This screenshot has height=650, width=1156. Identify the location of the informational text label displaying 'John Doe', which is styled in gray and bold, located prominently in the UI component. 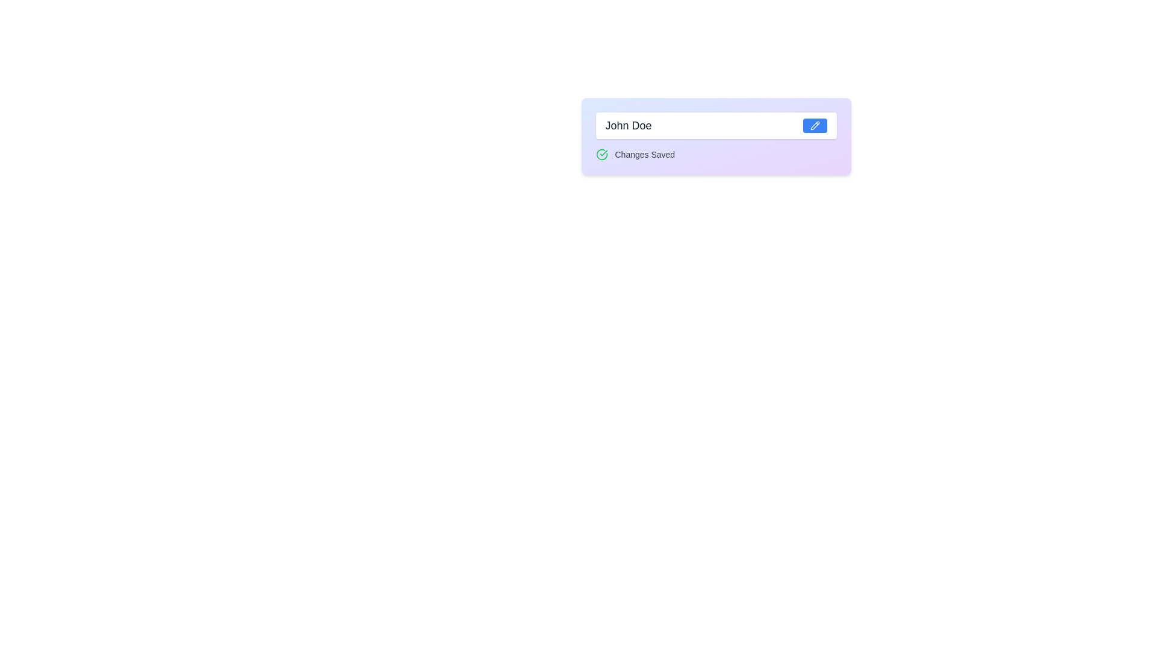
(628, 125).